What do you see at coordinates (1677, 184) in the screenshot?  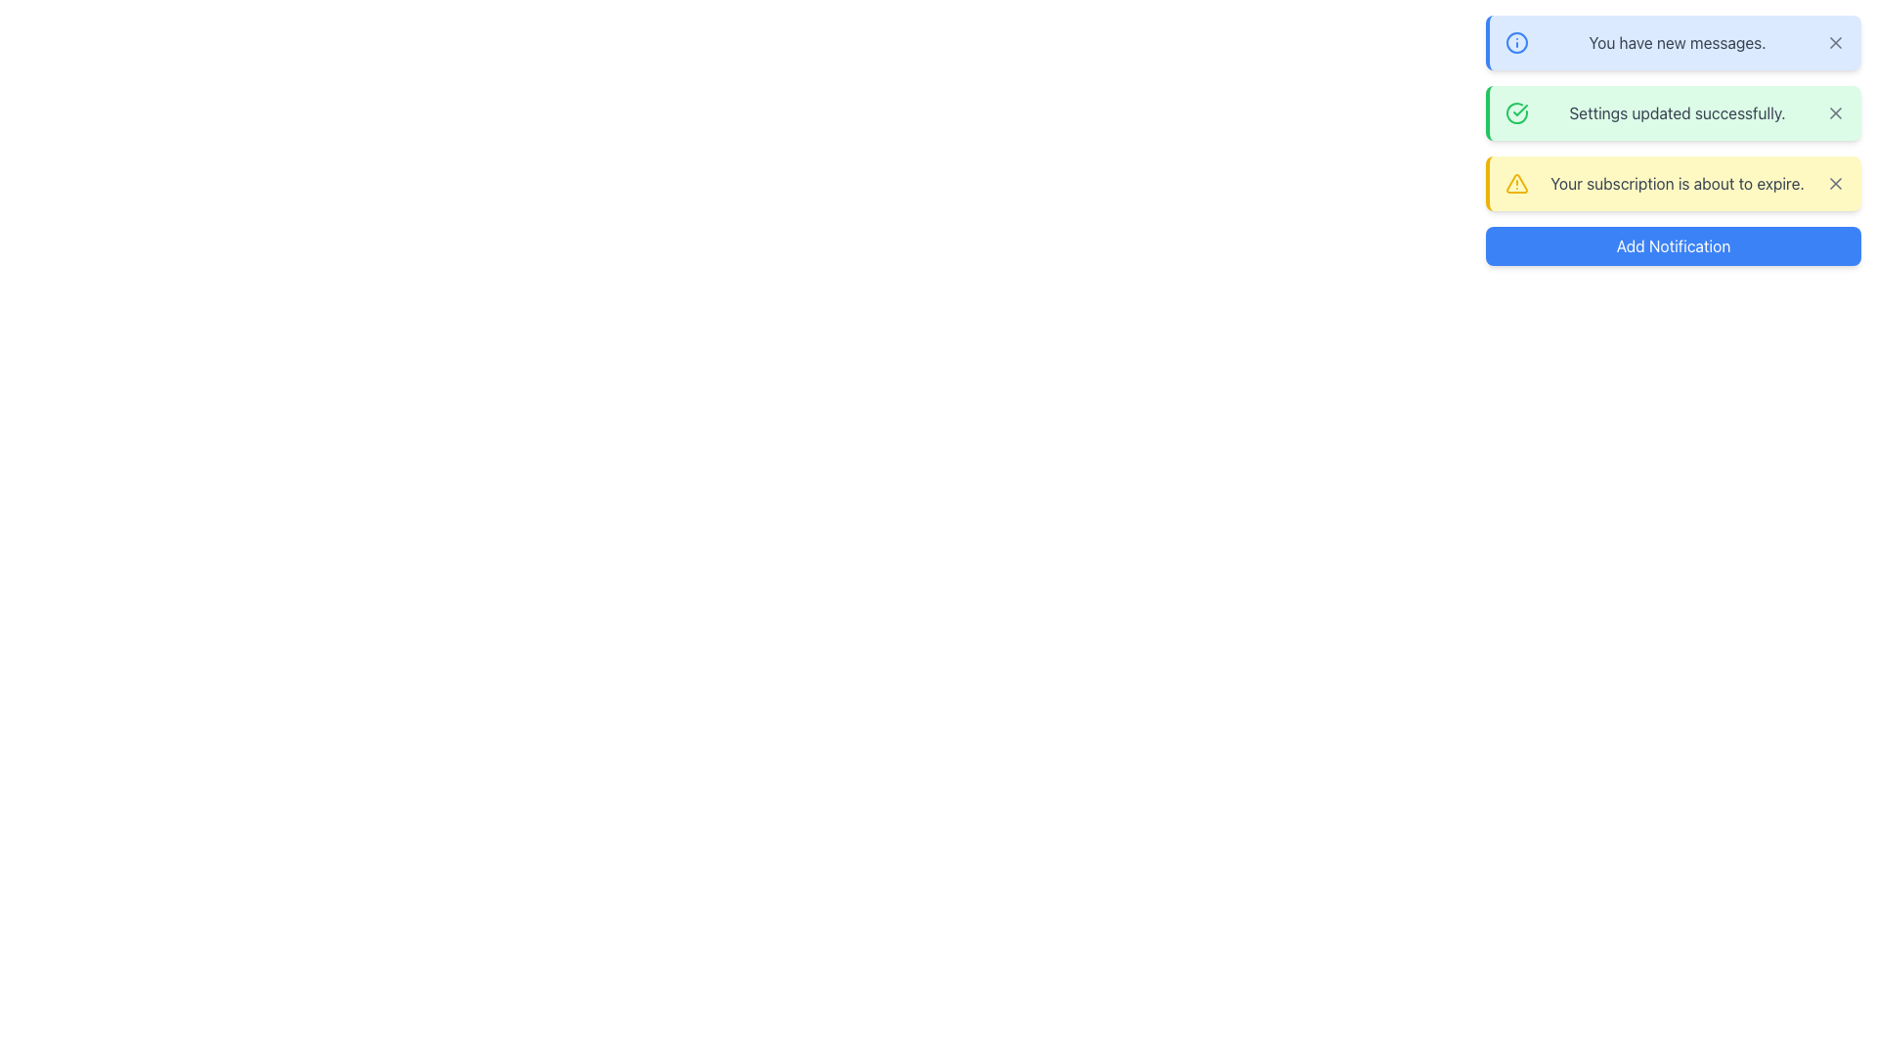 I see `notification message displayed in the text block informing the user about the expiration of their subscription, which is located center-right within the yellow-highlighted notification group` at bounding box center [1677, 184].